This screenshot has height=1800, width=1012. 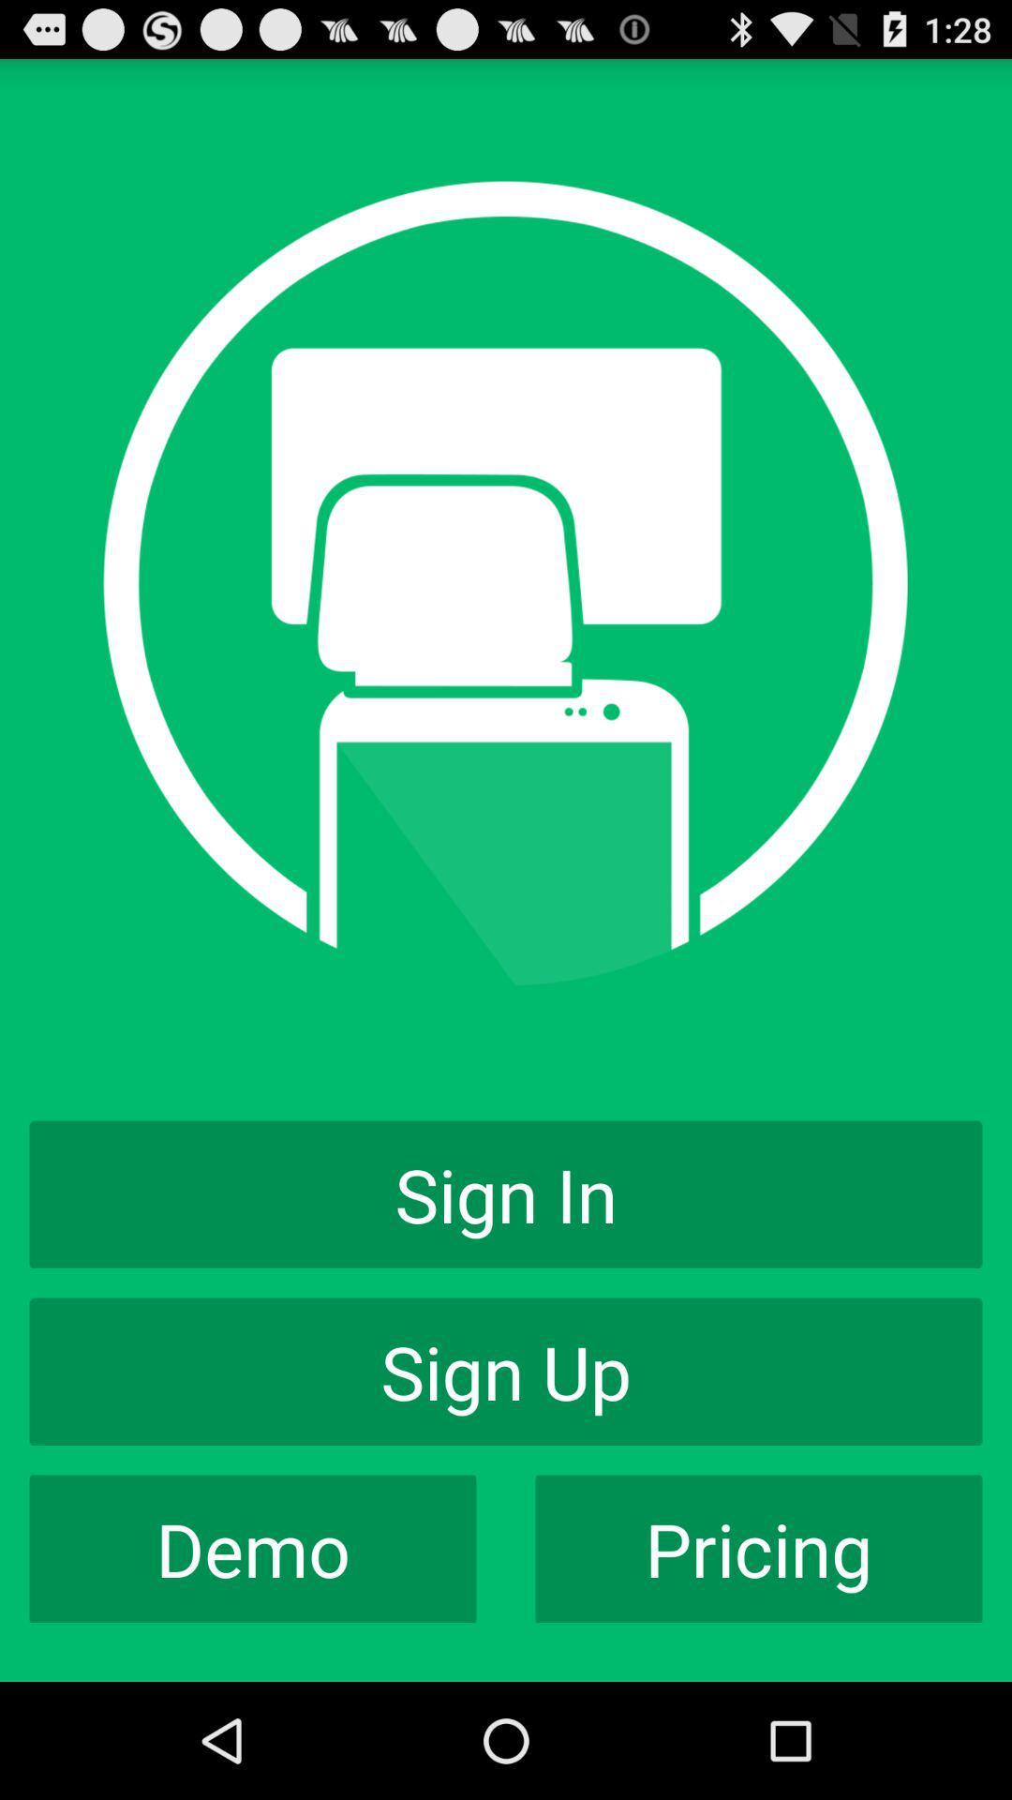 What do you see at coordinates (253, 1549) in the screenshot?
I see `app to the left of the pricing` at bounding box center [253, 1549].